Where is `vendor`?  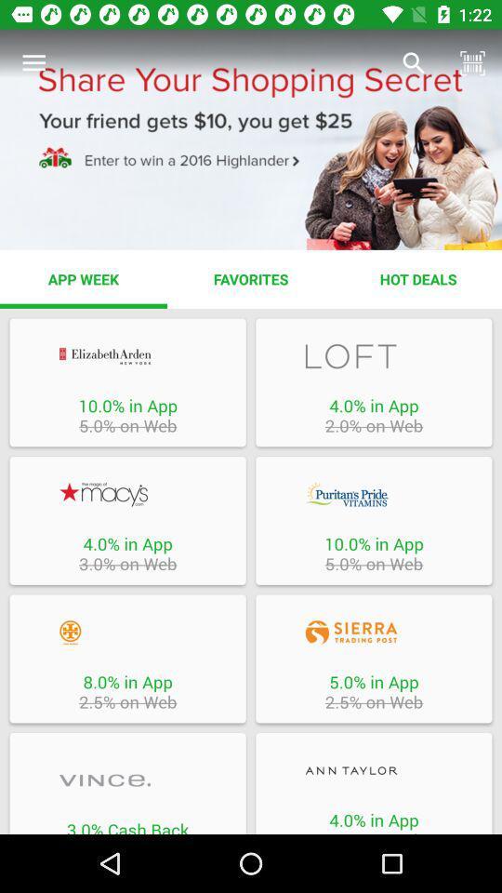
vendor is located at coordinates (126, 633).